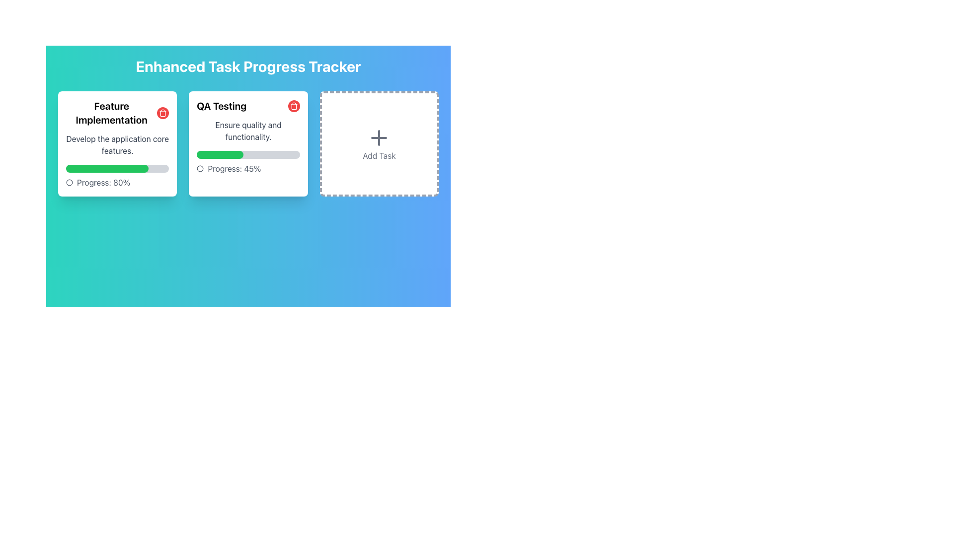 The image size is (954, 536). I want to click on the Progress Indicator element within the 'Feature Implementation' card that visually indicates an 80% progress level, so click(107, 168).